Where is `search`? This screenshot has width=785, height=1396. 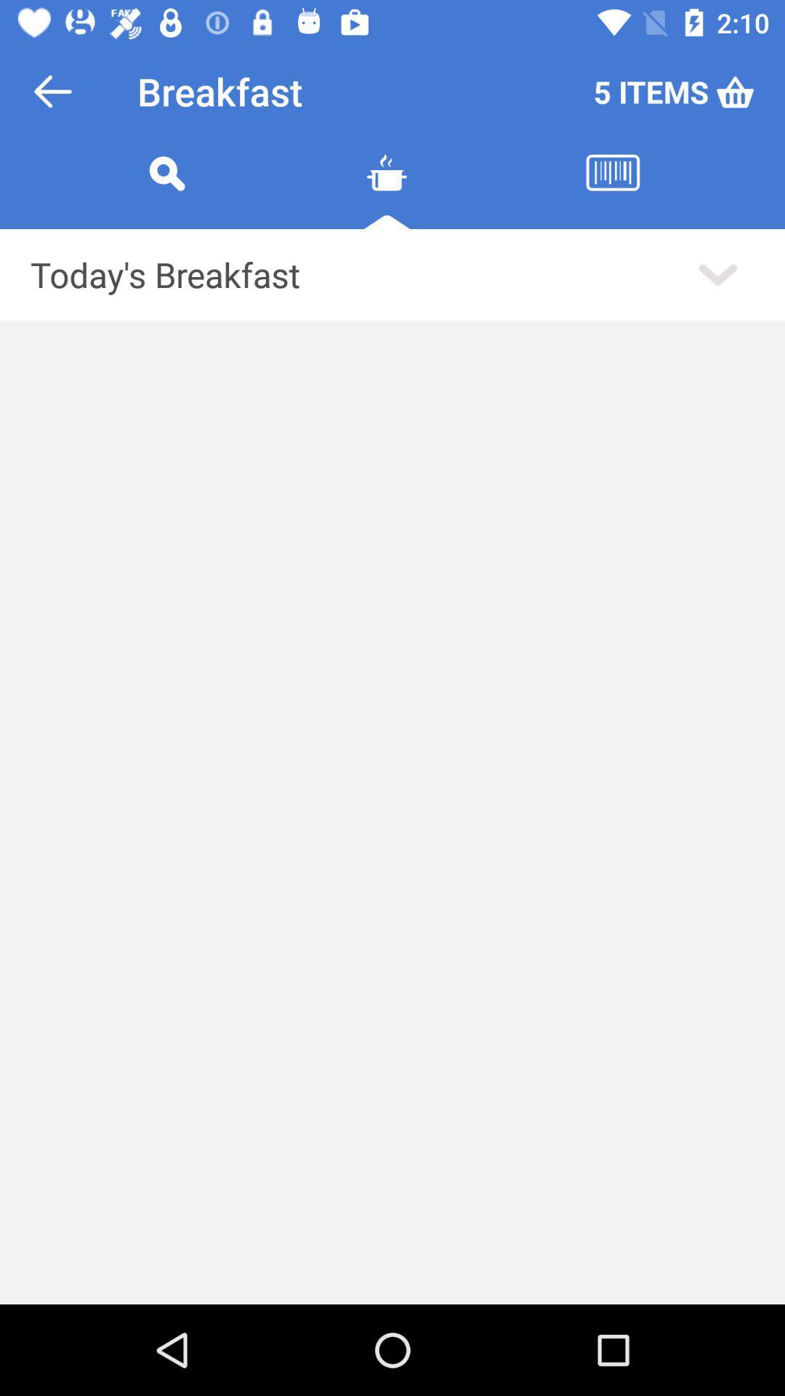 search is located at coordinates (166, 190).